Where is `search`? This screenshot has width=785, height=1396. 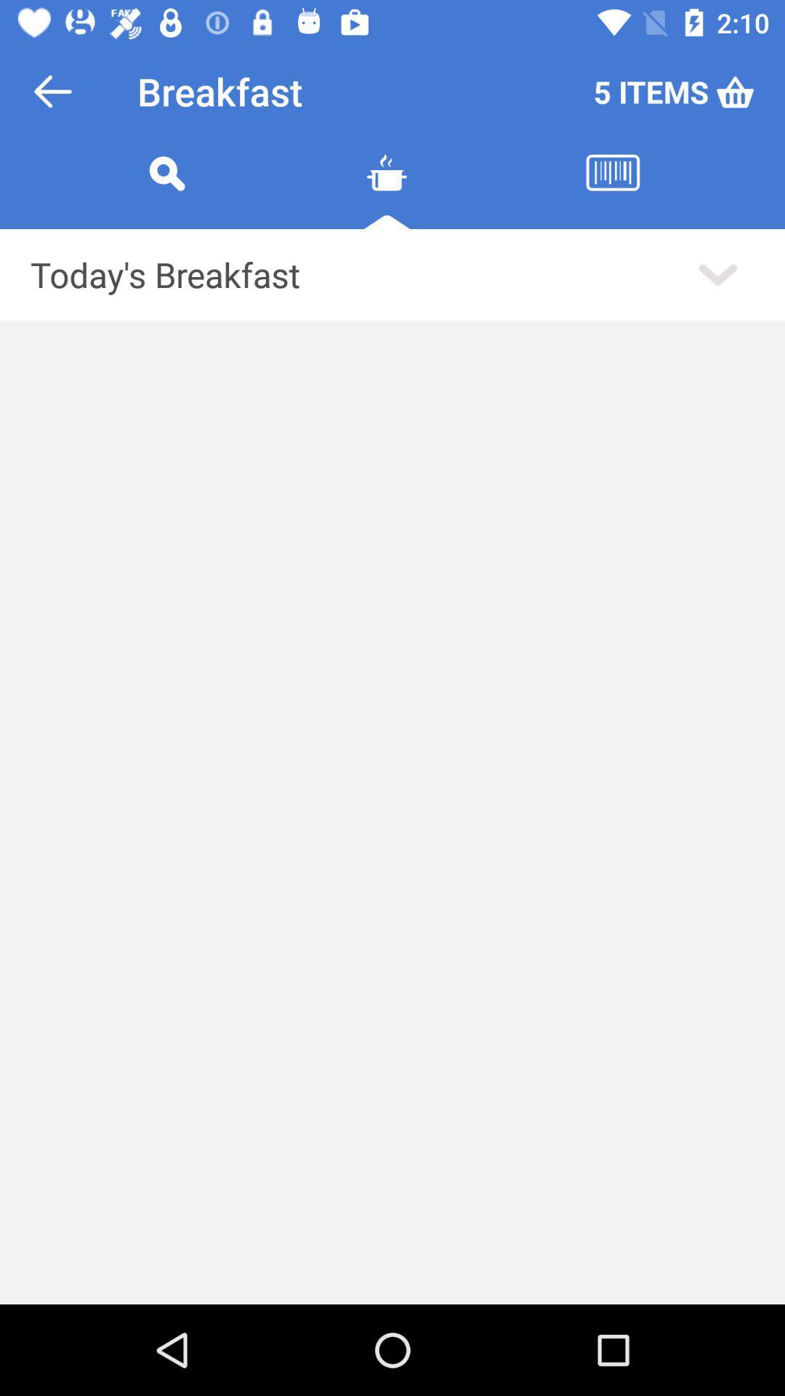 search is located at coordinates (166, 190).